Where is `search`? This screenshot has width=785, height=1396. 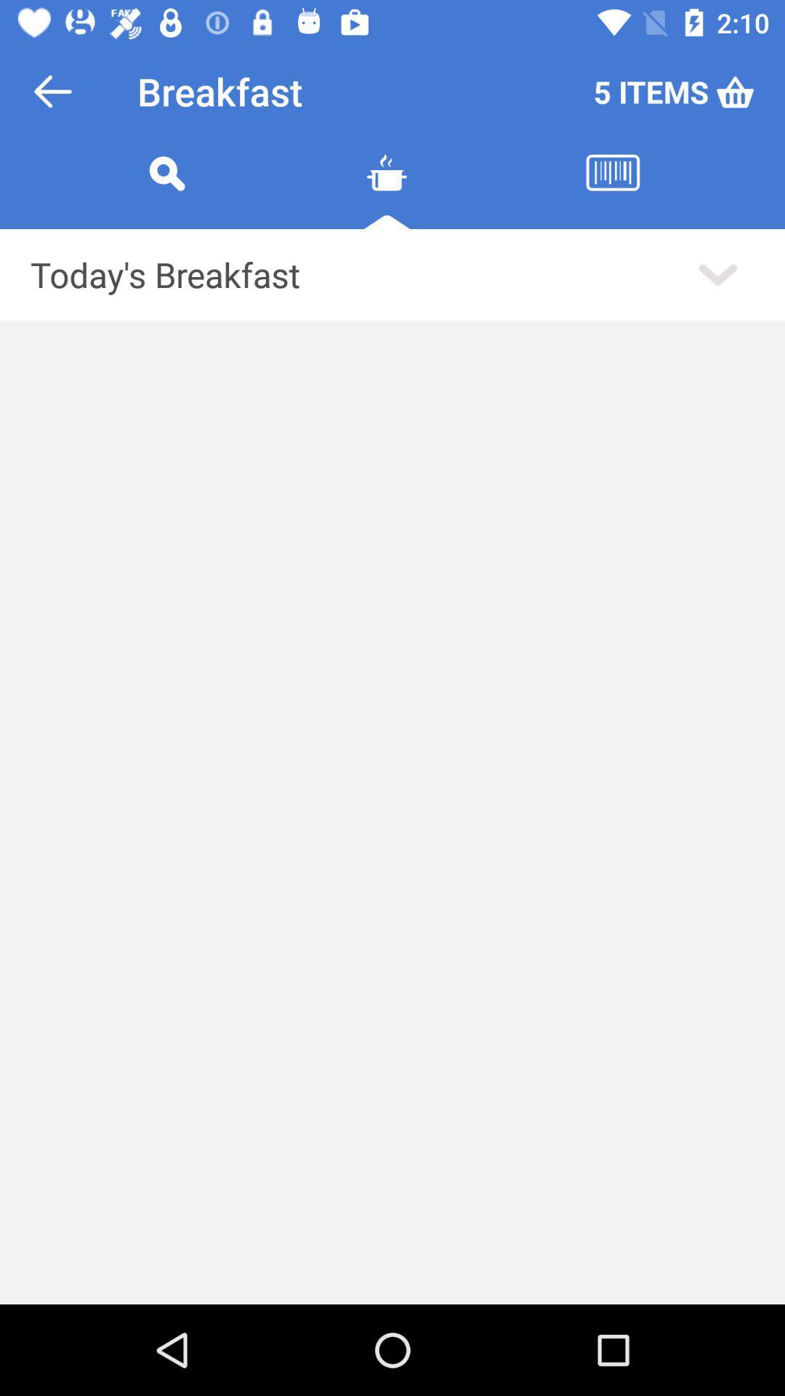 search is located at coordinates (166, 190).